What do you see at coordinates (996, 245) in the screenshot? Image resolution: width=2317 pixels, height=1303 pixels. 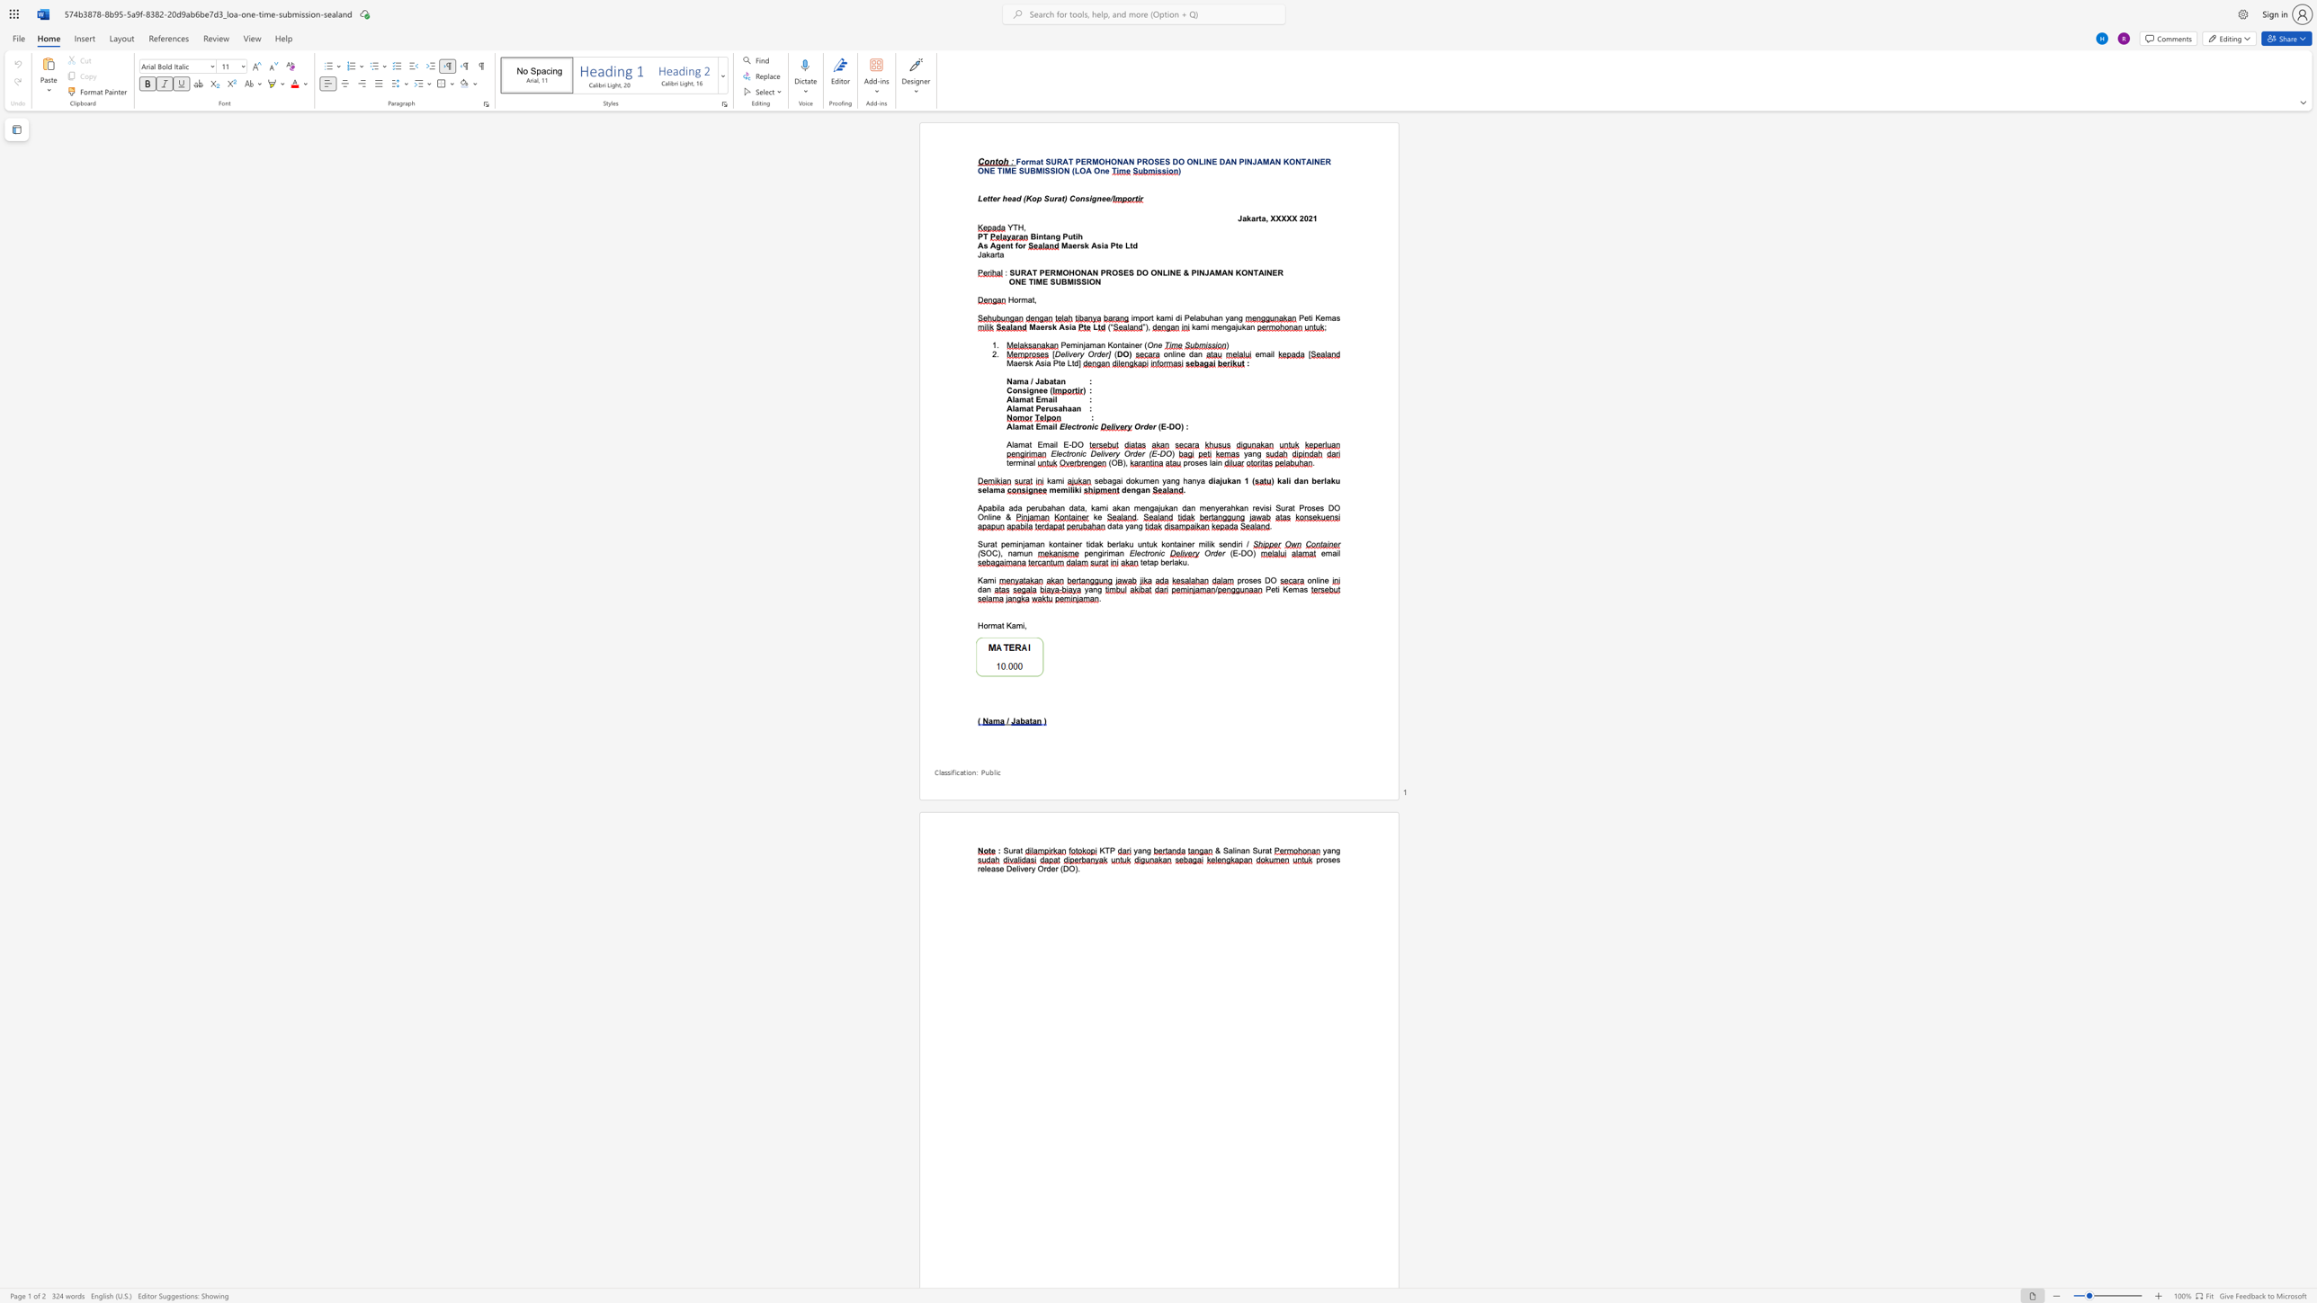 I see `the subset text "ge" within the text "As Agent for"` at bounding box center [996, 245].